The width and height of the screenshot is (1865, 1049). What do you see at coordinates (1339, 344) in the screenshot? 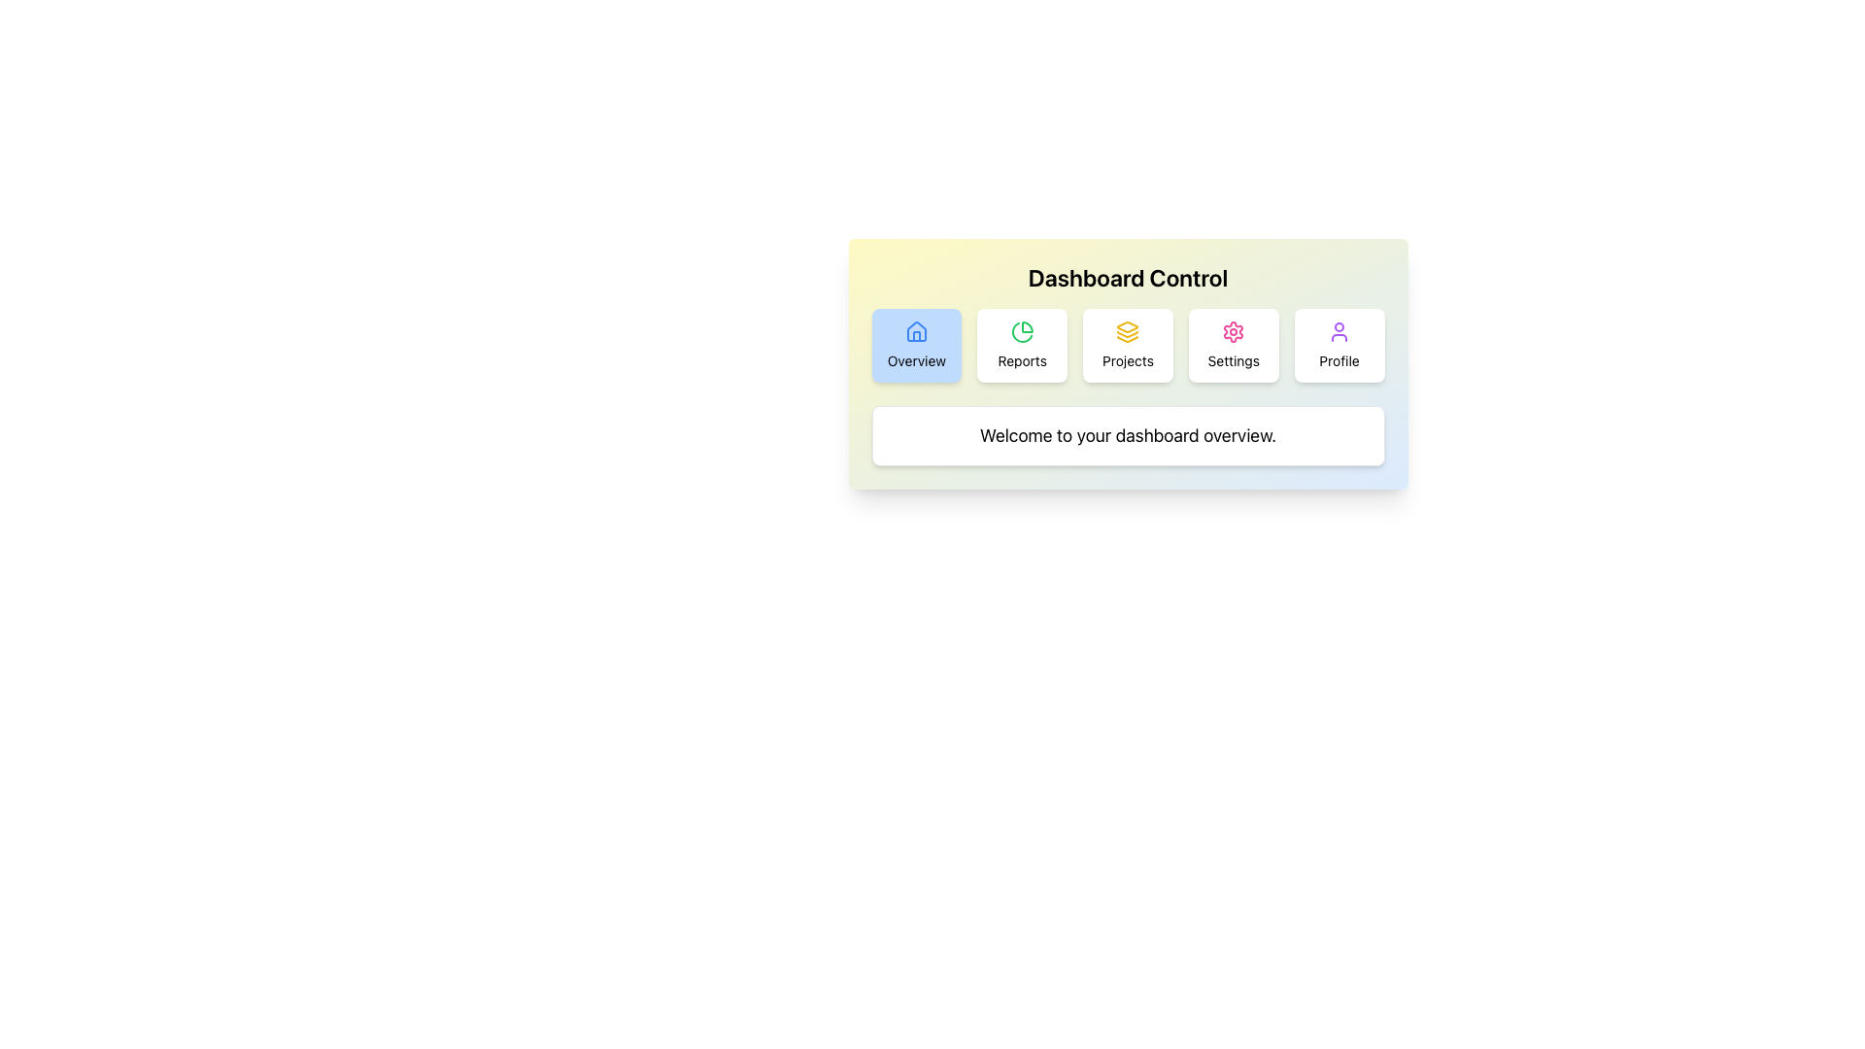
I see `the 'Profile' button in the Dashboard Control section for keyboard navigation` at bounding box center [1339, 344].